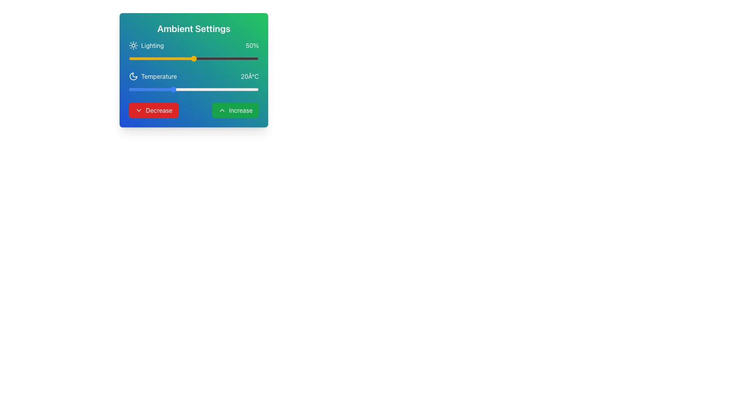 The image size is (743, 417). What do you see at coordinates (207, 89) in the screenshot?
I see `the temperature` at bounding box center [207, 89].